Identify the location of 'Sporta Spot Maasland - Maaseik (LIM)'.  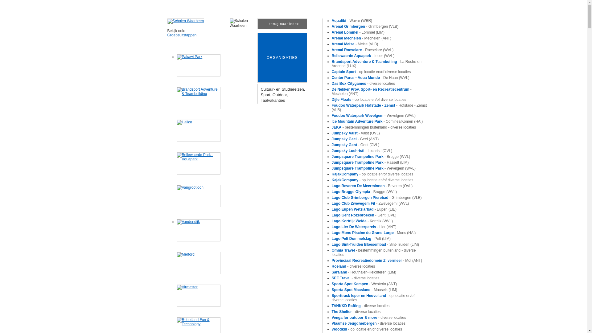
(364, 290).